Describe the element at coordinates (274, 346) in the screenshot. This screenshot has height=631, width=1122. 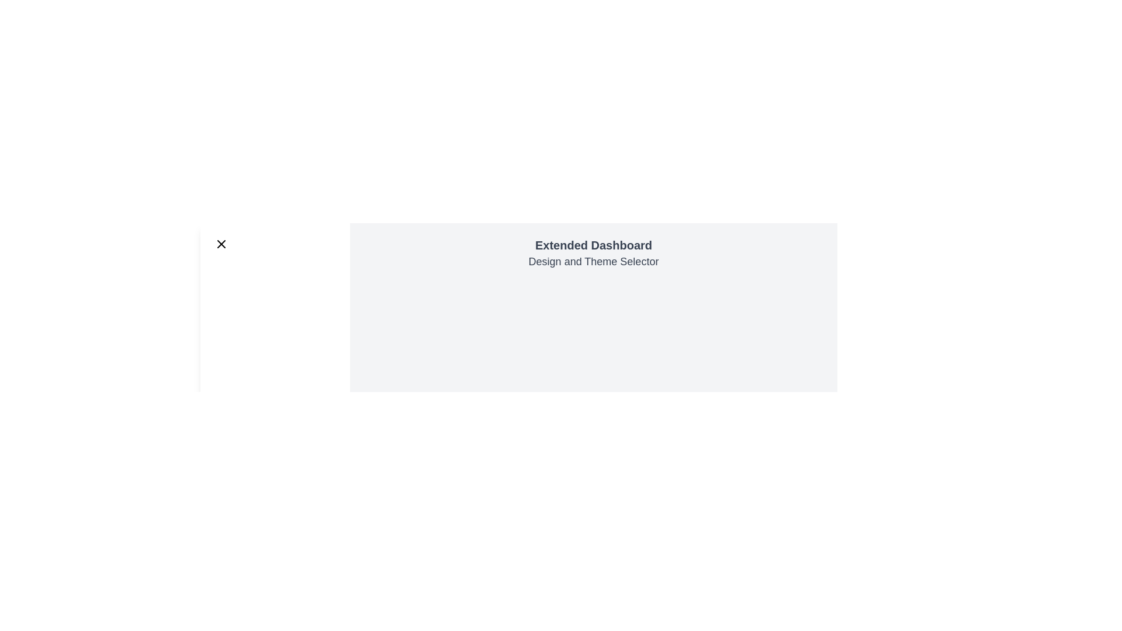
I see `the navigation item Cart` at that location.